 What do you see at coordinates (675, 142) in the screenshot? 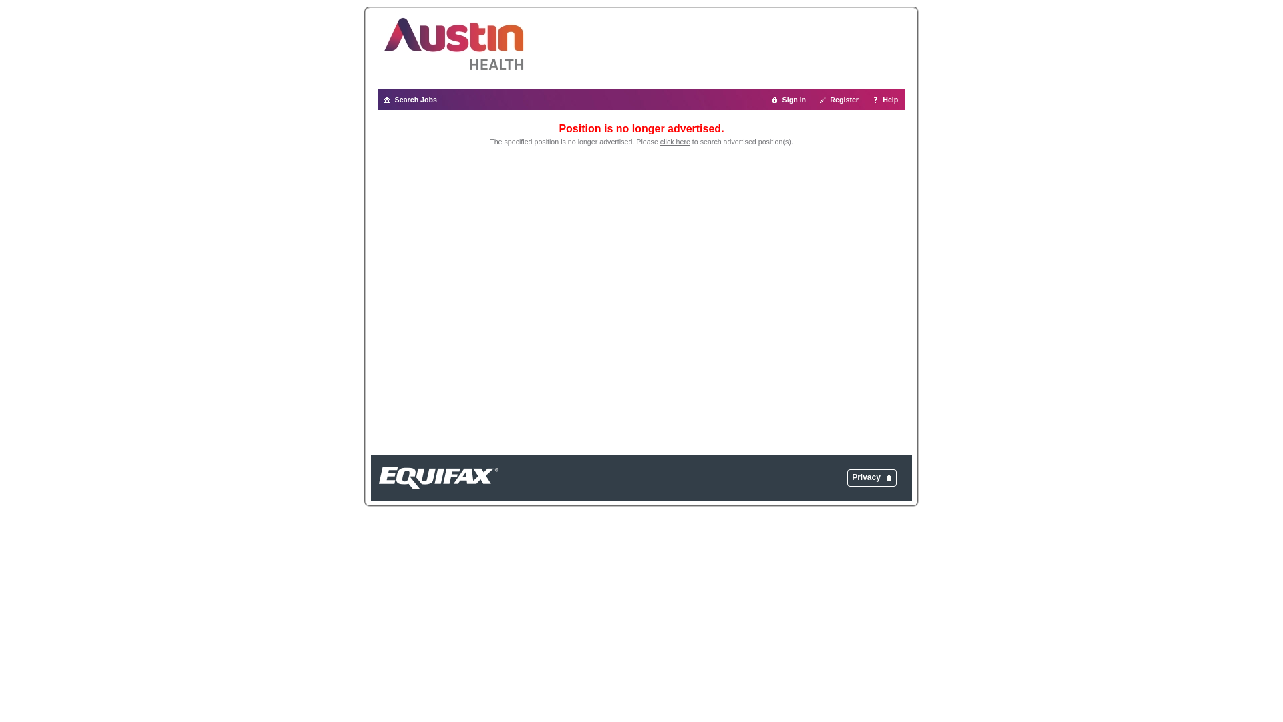
I see `'click here'` at bounding box center [675, 142].